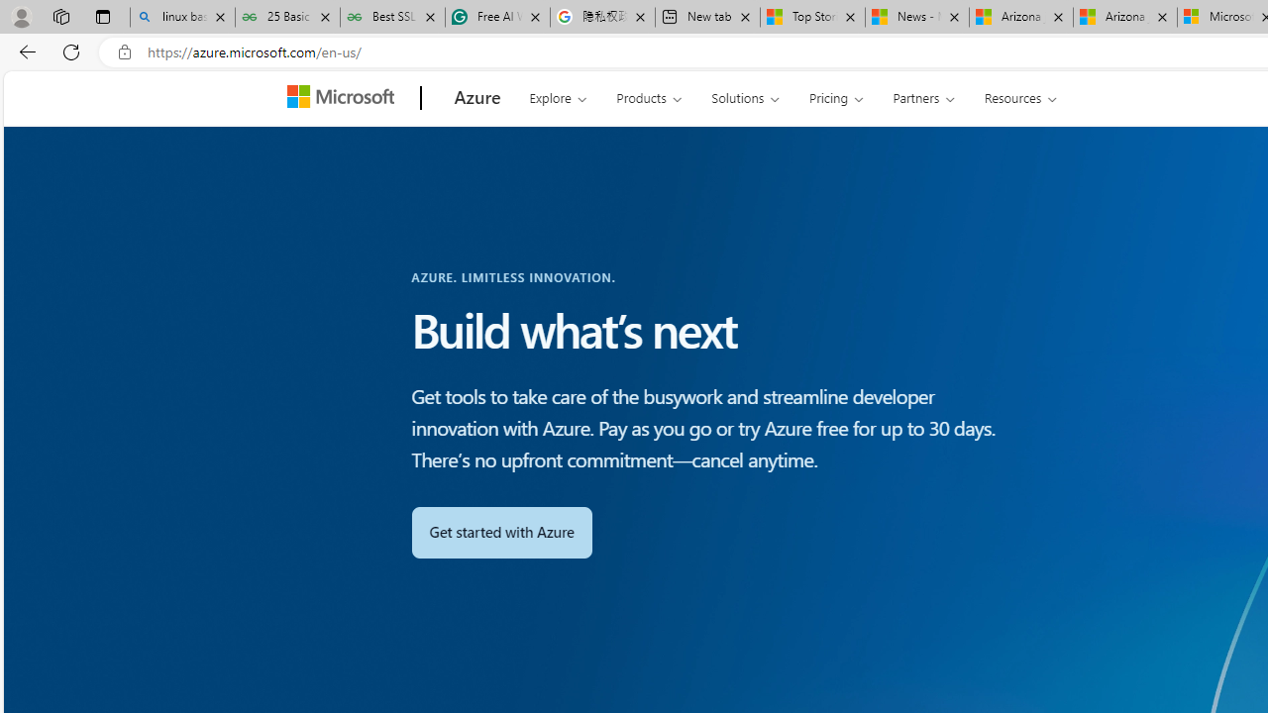 The image size is (1268, 713). I want to click on 'Get started with Pay as you go using Azure', so click(501, 531).